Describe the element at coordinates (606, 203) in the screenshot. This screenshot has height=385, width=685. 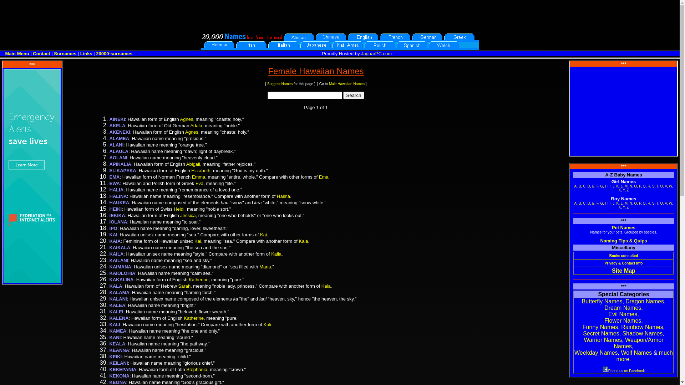
I see `'H'` at that location.